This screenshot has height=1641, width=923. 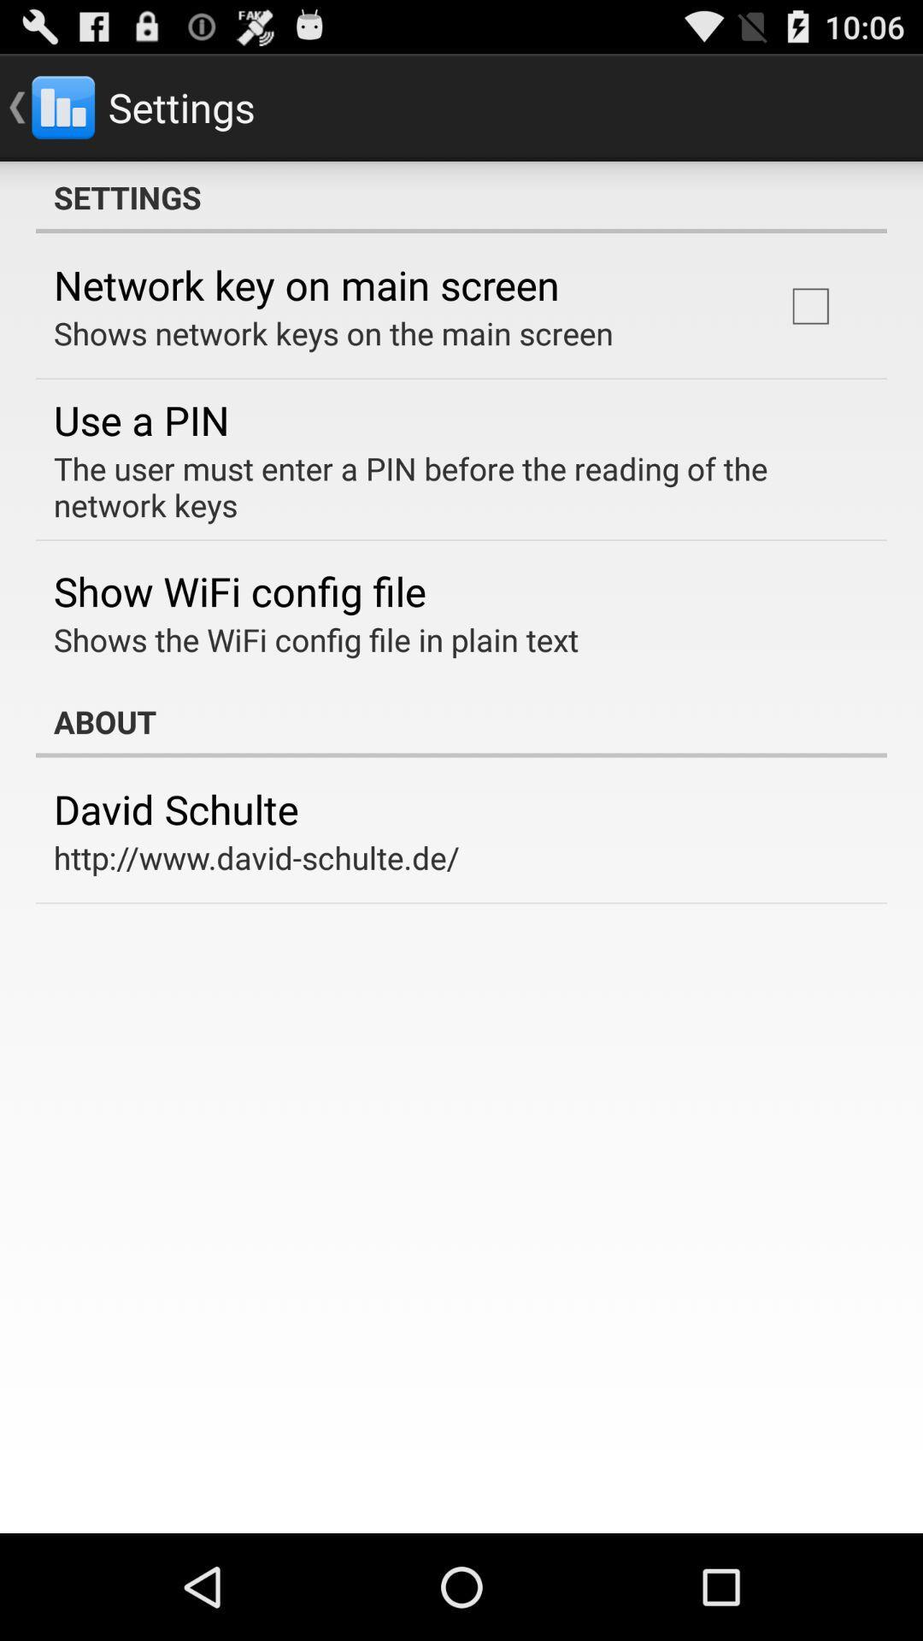 I want to click on icon next to the shows network keys, so click(x=809, y=306).